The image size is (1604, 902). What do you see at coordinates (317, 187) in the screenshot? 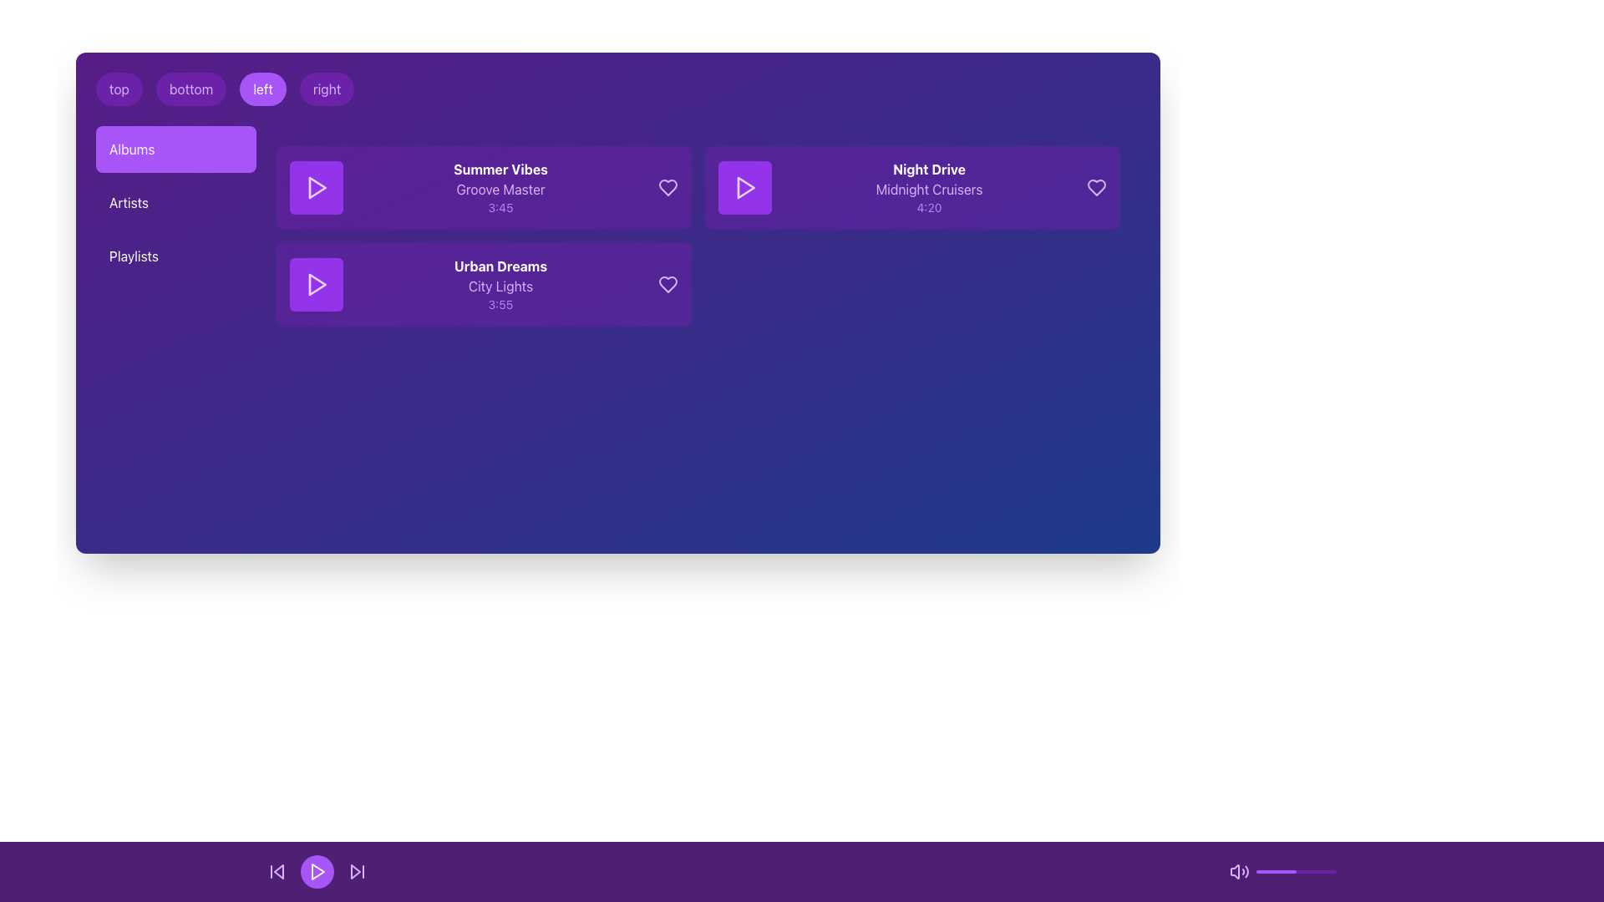
I see `the compact, square button with a purple background and a white play icon to play the associated 'Summer Vibes' playlist` at bounding box center [317, 187].